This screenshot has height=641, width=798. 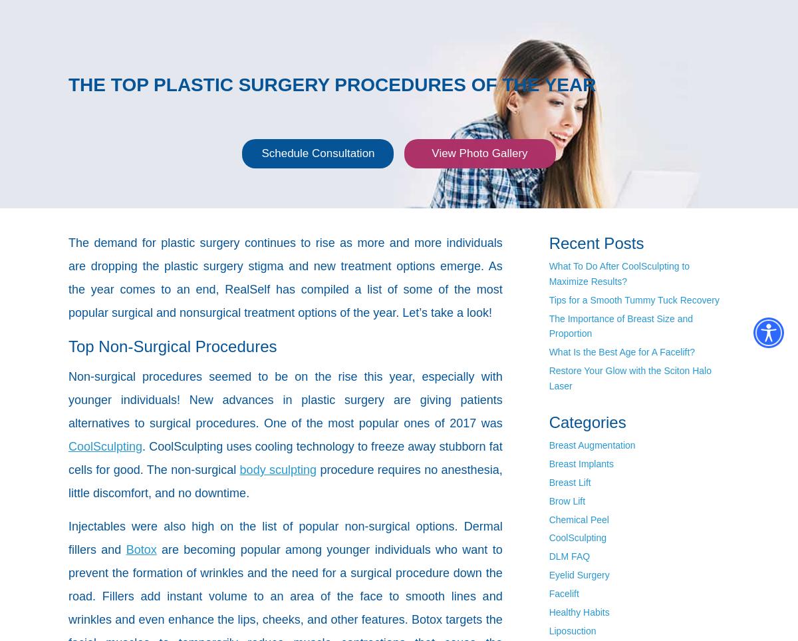 I want to click on 'View Photo Gallery', so click(x=479, y=152).